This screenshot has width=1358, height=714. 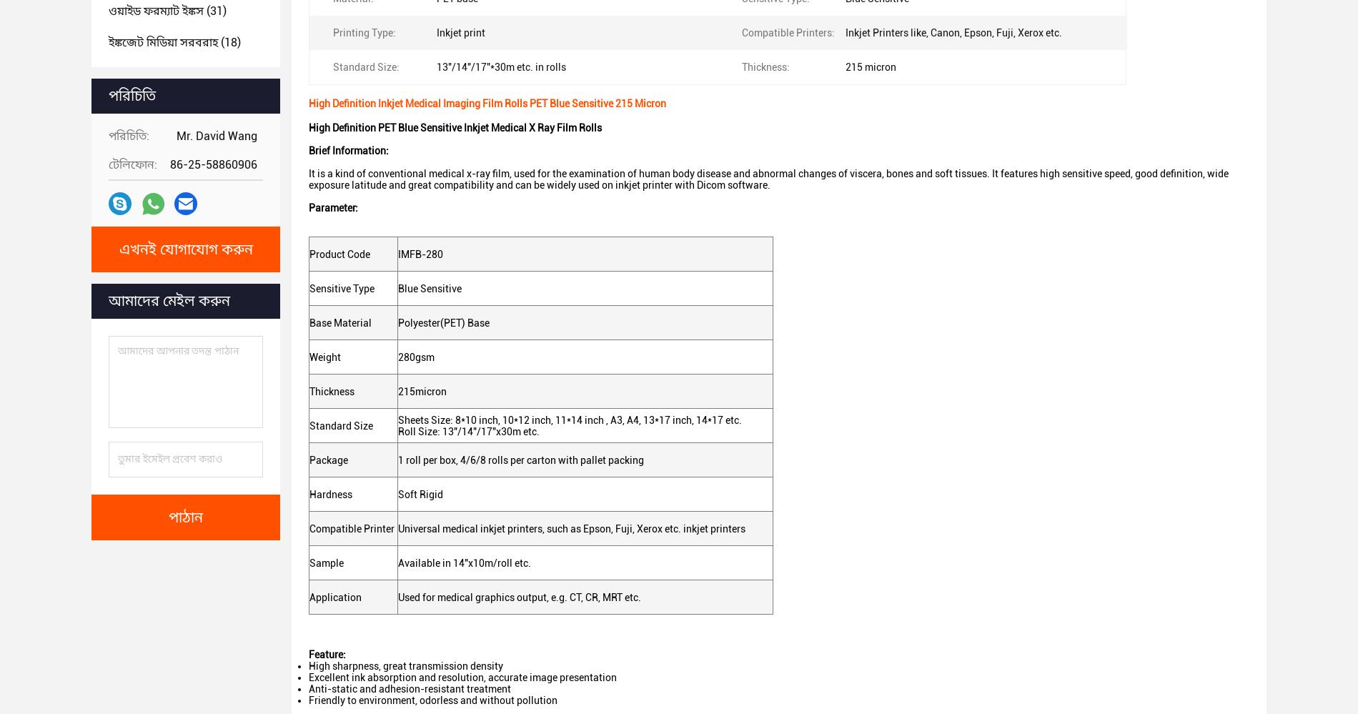 What do you see at coordinates (353, 527) in the screenshot?
I see `'Compatible Printer'` at bounding box center [353, 527].